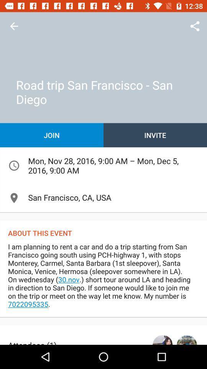 This screenshot has height=369, width=207. Describe the element at coordinates (14, 26) in the screenshot. I see `the item at the top left corner` at that location.